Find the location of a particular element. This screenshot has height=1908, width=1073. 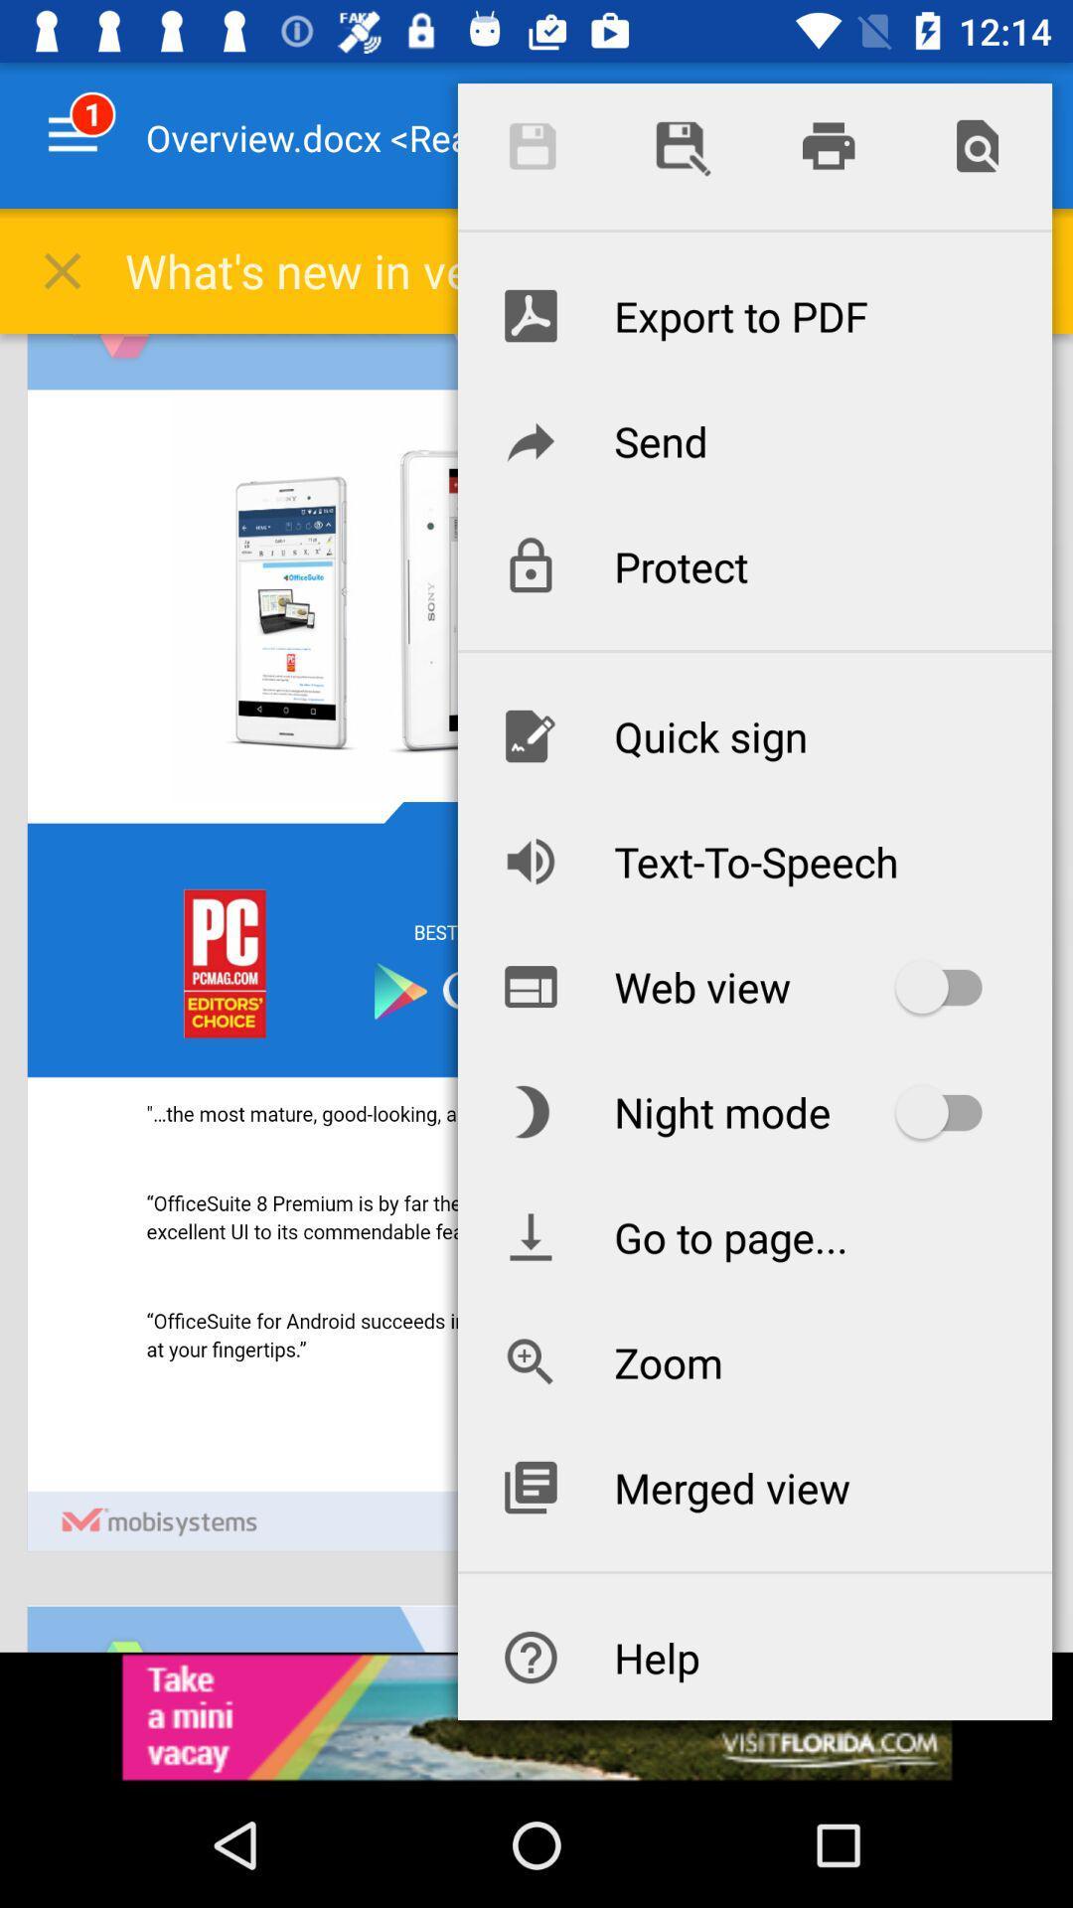

icon below export to pdf icon is located at coordinates (754, 439).